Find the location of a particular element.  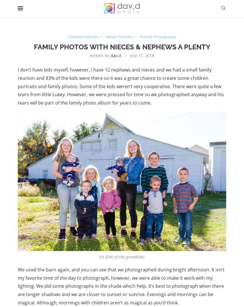

'written by' is located at coordinates (100, 55).